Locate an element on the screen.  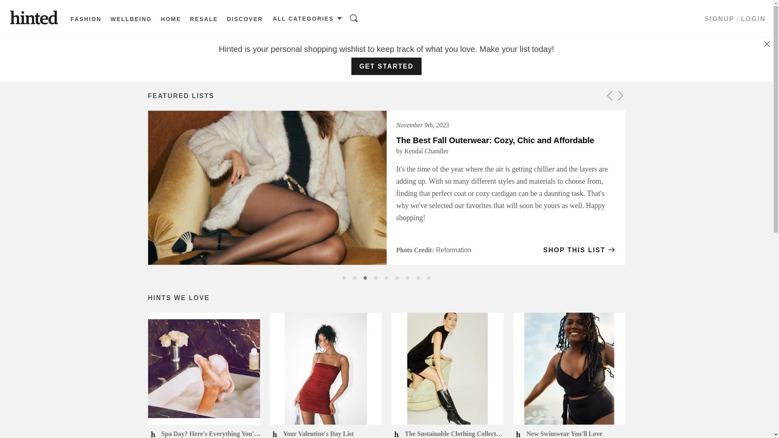
'Dismiss' is located at coordinates (763, 43).